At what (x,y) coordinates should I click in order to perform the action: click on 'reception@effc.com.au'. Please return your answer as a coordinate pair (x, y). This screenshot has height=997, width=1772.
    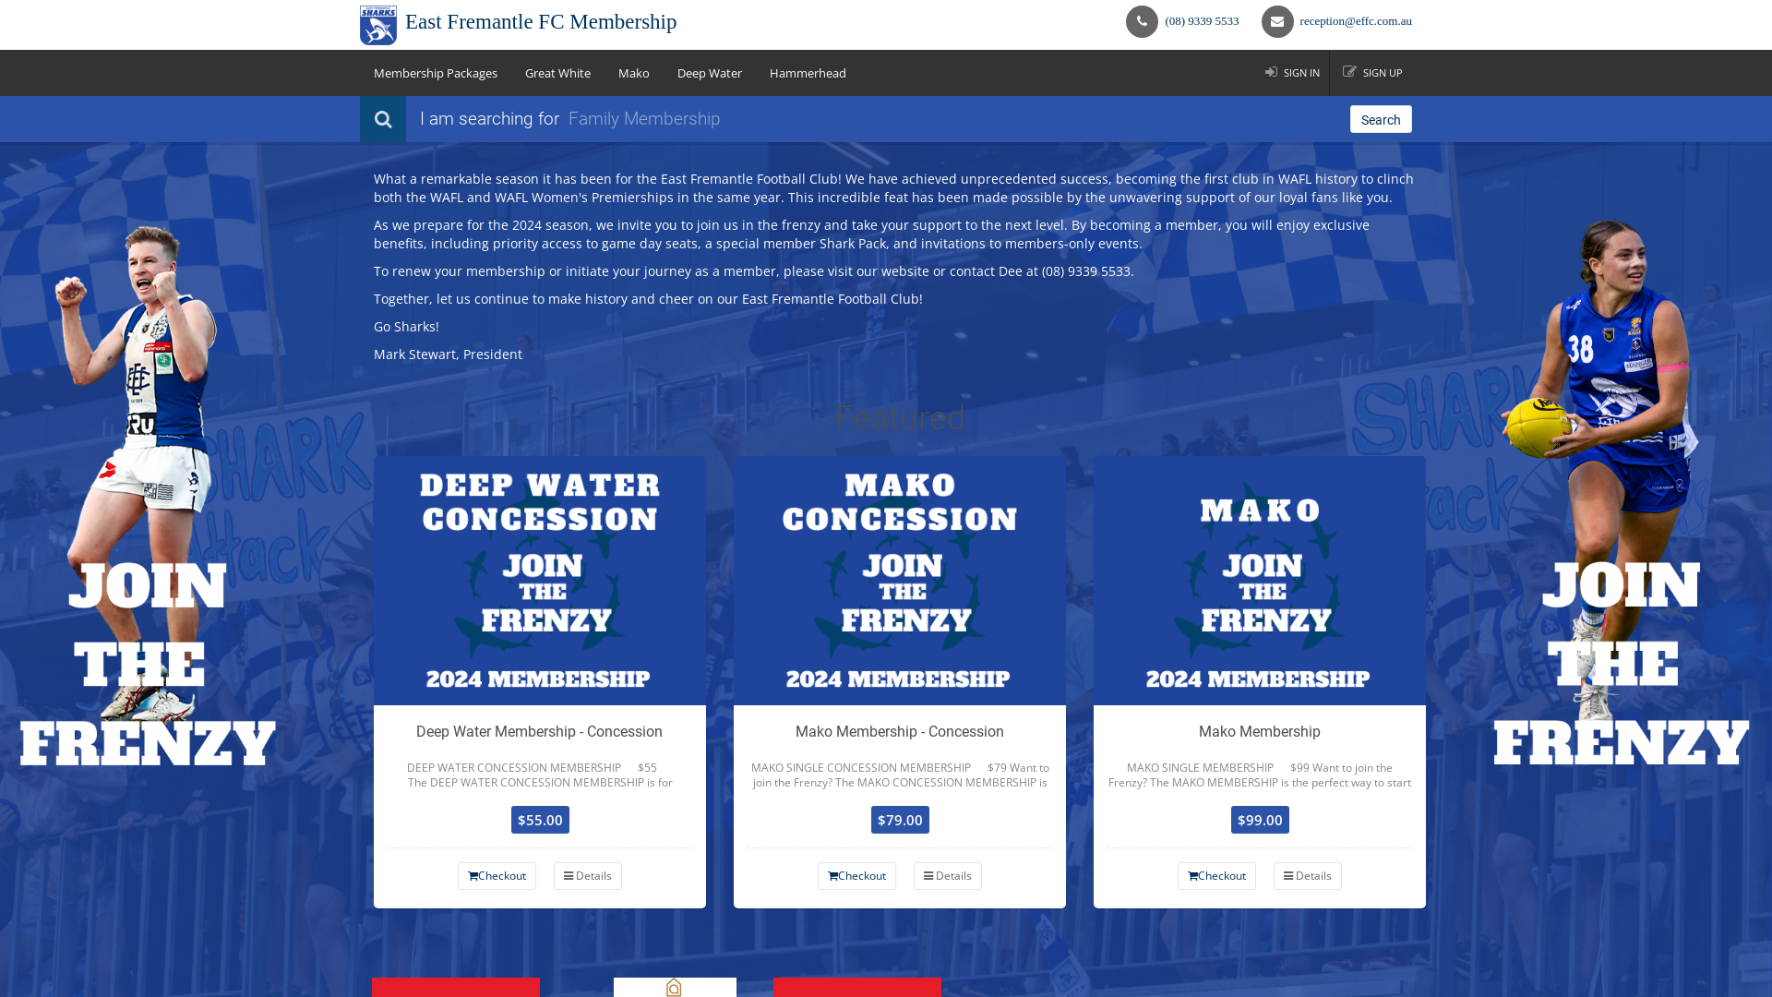
    Looking at the image, I should click on (1356, 20).